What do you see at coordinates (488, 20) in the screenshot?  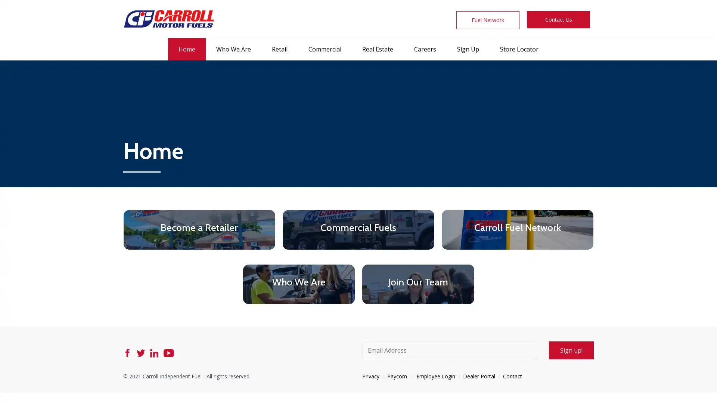 I see `Fuel Network` at bounding box center [488, 20].